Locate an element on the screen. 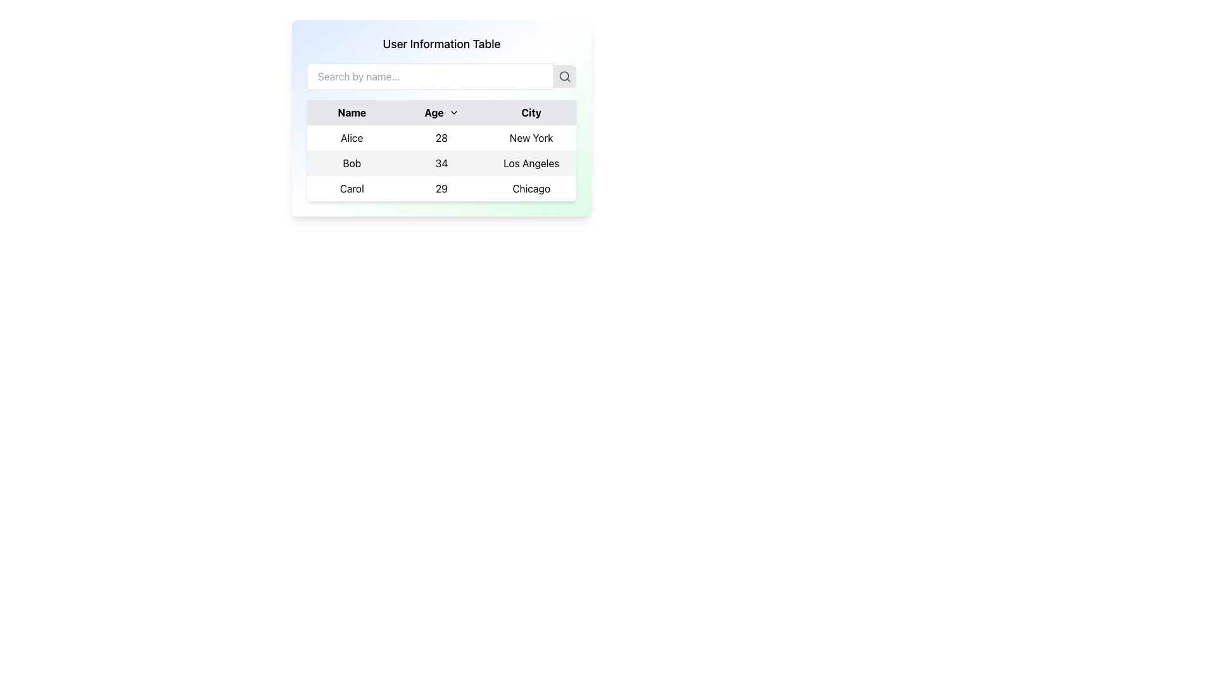  the circular body of the magnifying glass icon located in the top-right corner of the interface, which is used for search functionalities is located at coordinates (564, 76).